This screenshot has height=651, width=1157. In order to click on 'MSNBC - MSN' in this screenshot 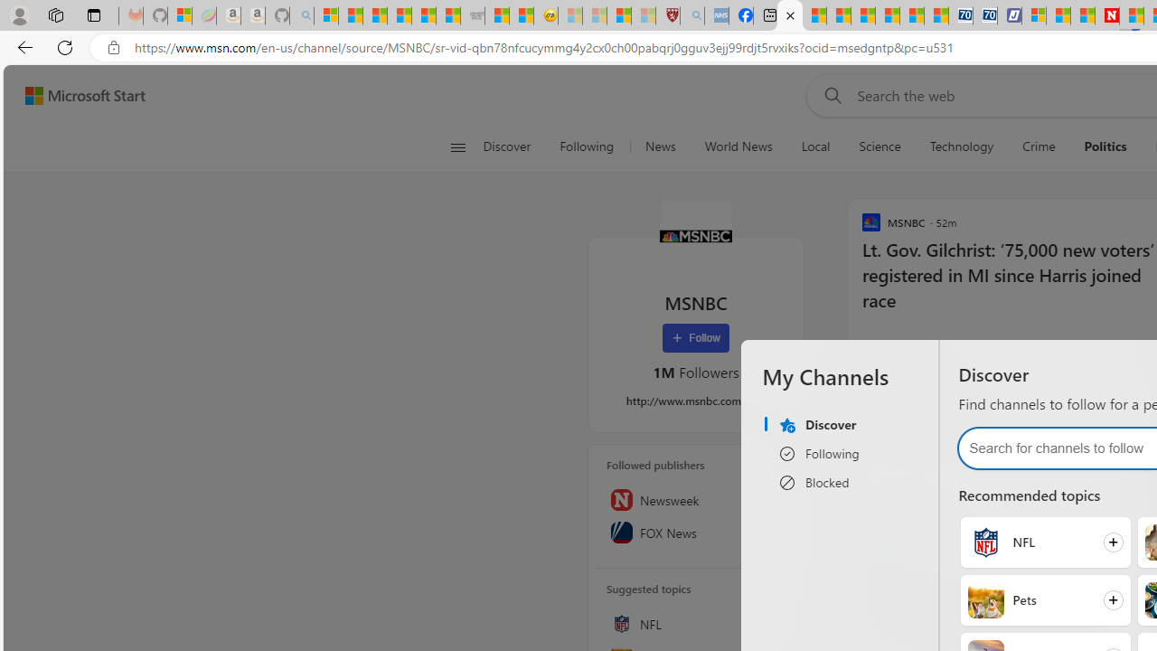, I will do `click(790, 15)`.